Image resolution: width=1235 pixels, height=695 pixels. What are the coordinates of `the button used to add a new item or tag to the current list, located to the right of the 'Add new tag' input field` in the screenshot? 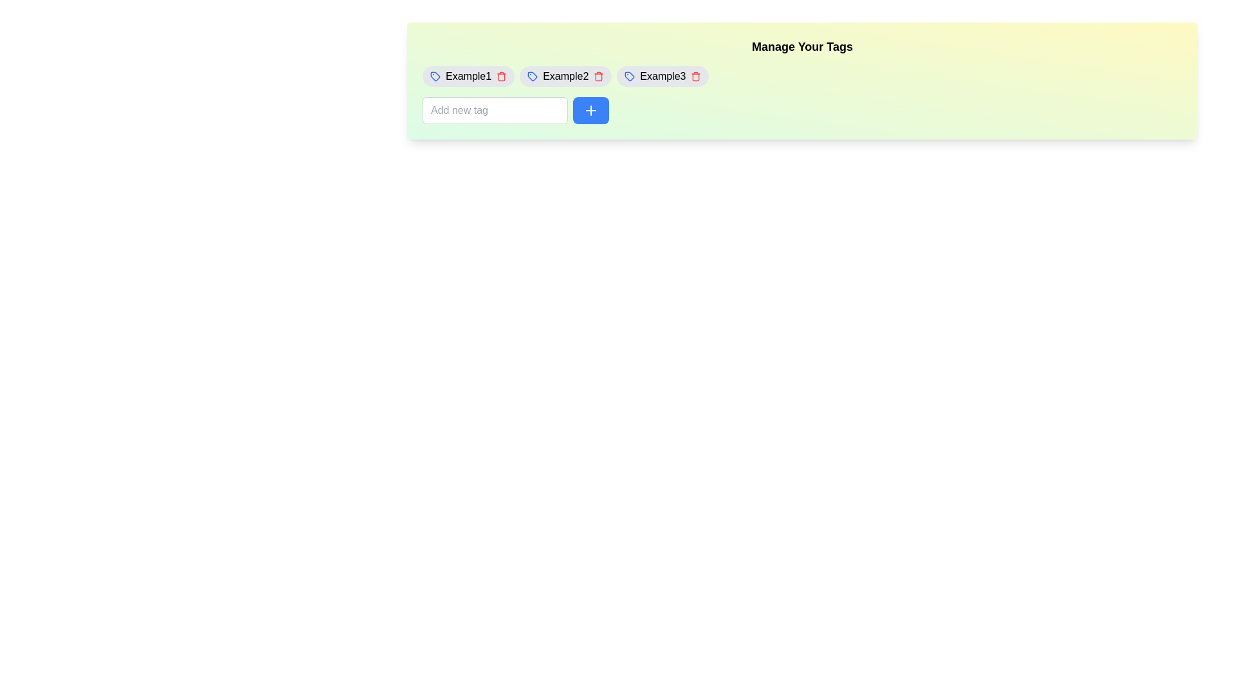 It's located at (590, 110).